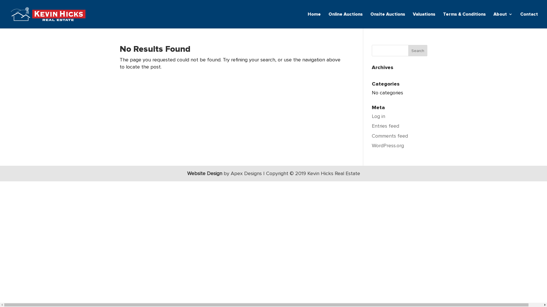  What do you see at coordinates (387, 145) in the screenshot?
I see `'WordPress.org'` at bounding box center [387, 145].